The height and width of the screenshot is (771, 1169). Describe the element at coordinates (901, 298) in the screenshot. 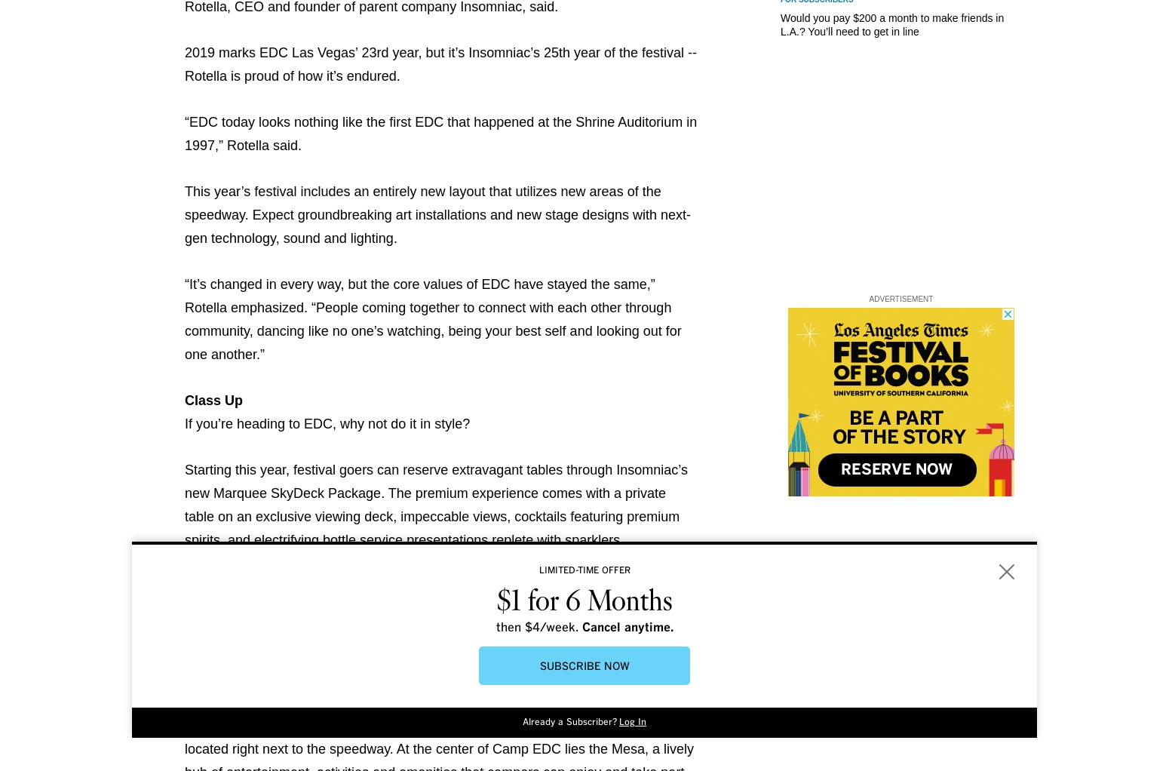

I see `'Advertisement'` at that location.